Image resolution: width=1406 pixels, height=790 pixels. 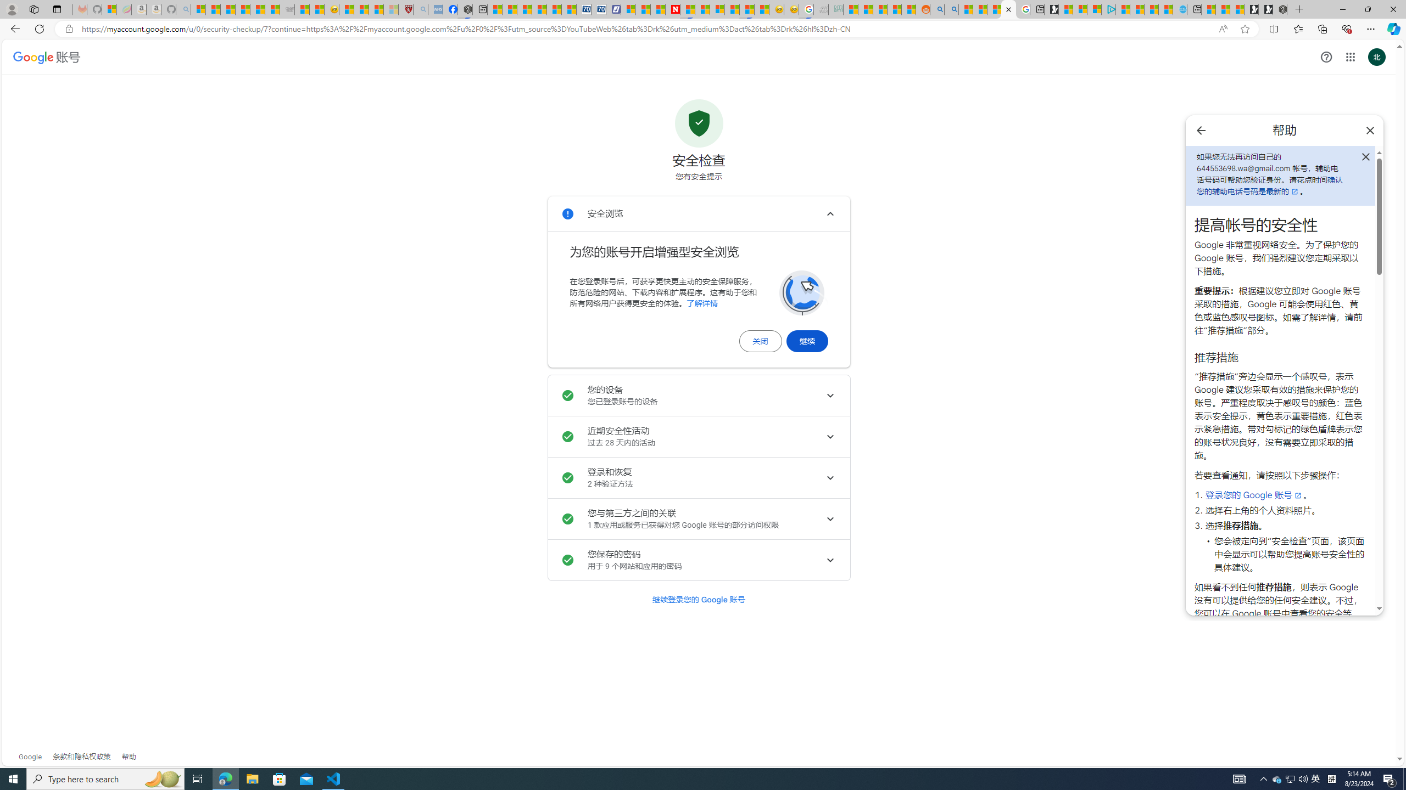 What do you see at coordinates (228, 9) in the screenshot?
I see `'The Weather Channel - MSN'` at bounding box center [228, 9].